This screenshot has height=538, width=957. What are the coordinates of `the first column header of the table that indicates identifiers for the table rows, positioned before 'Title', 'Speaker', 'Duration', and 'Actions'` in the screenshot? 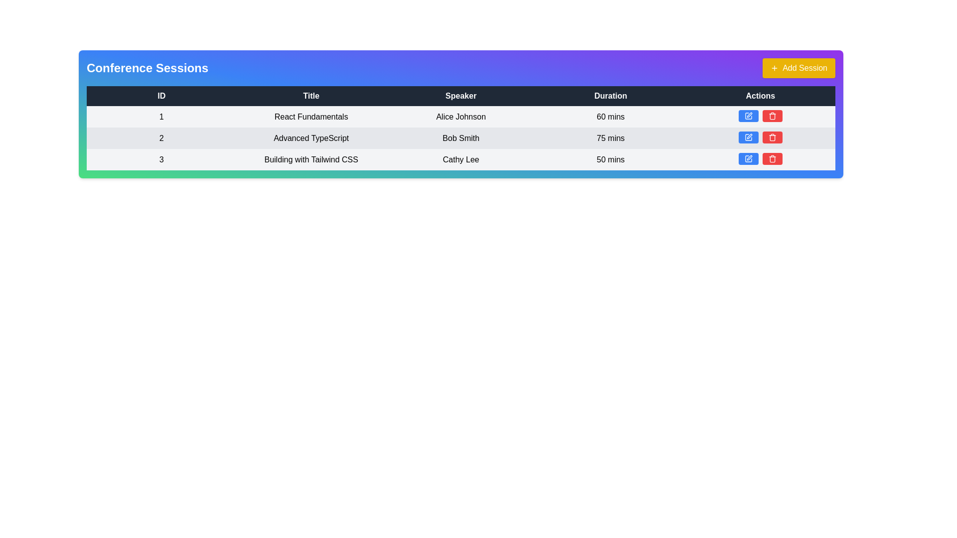 It's located at (161, 96).